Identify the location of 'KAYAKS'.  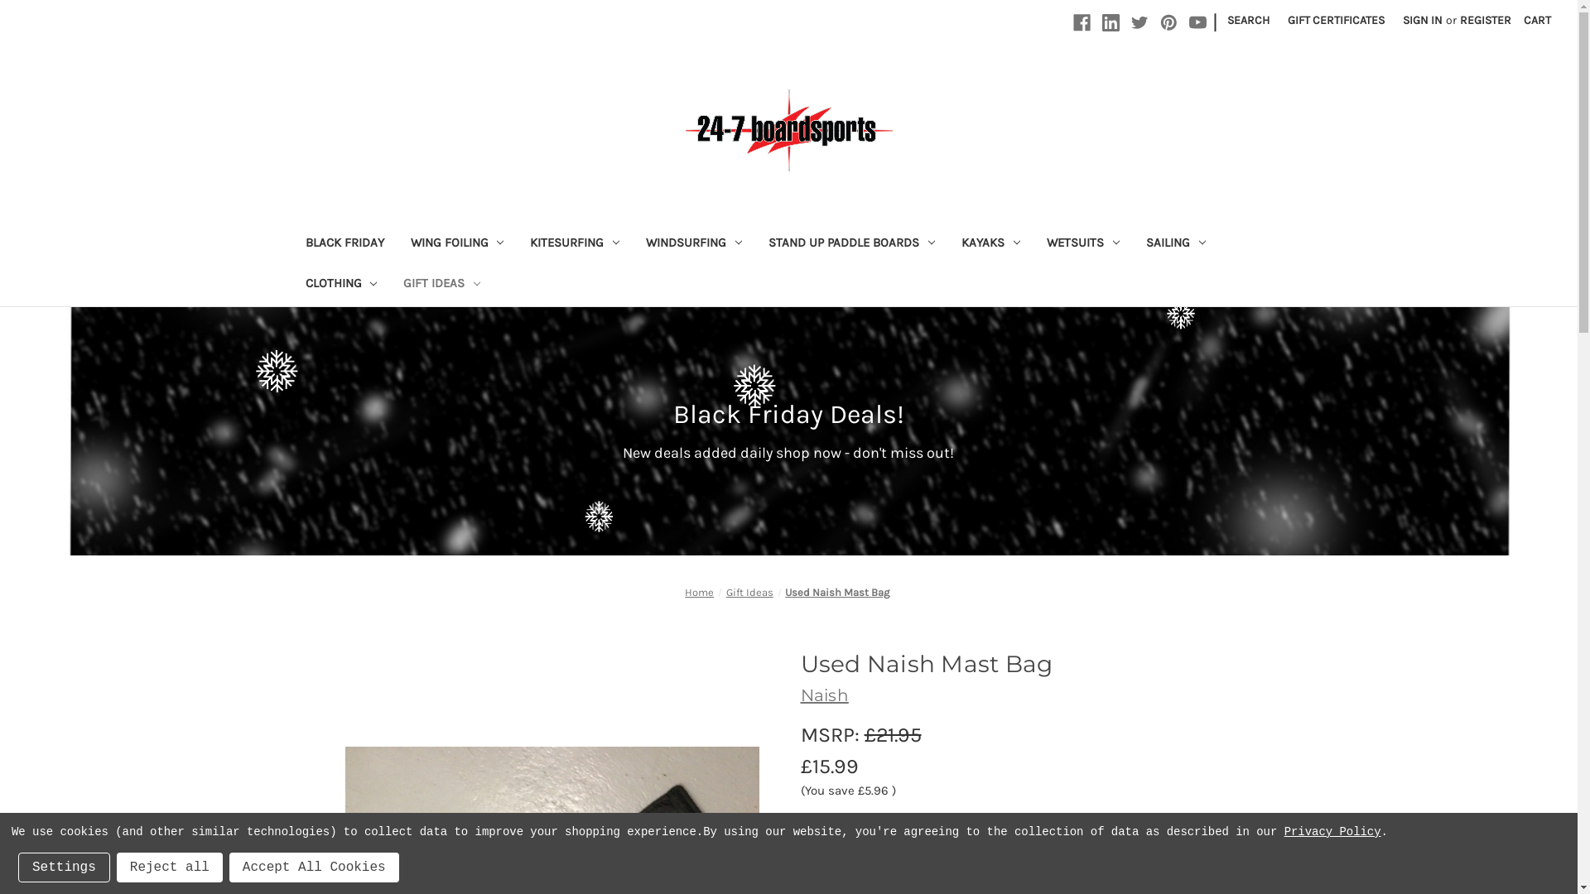
(990, 244).